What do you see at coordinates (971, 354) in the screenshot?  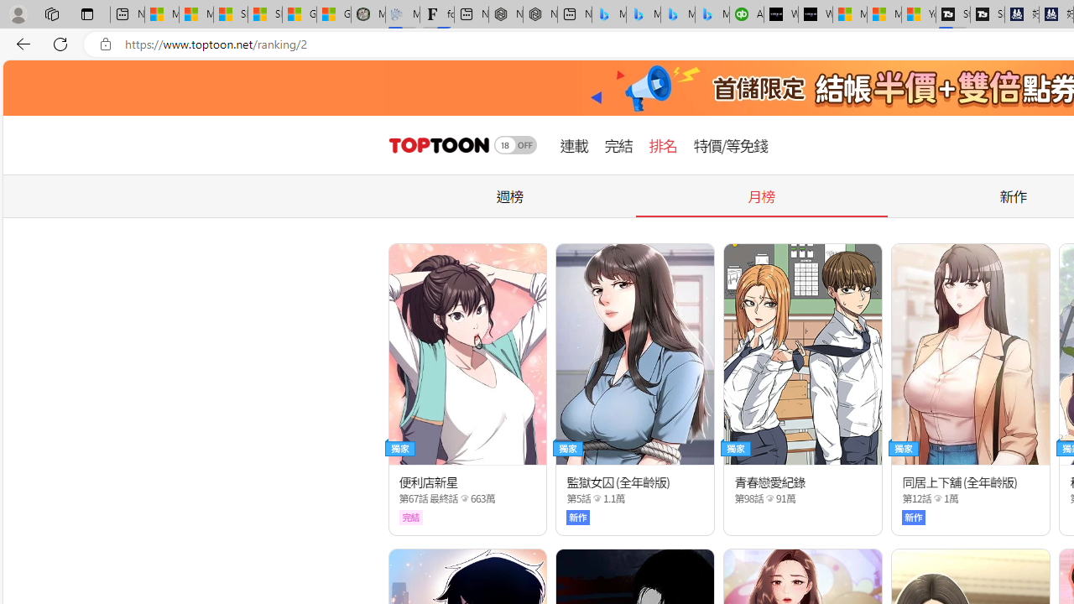 I see `'Class: thumb_img'` at bounding box center [971, 354].